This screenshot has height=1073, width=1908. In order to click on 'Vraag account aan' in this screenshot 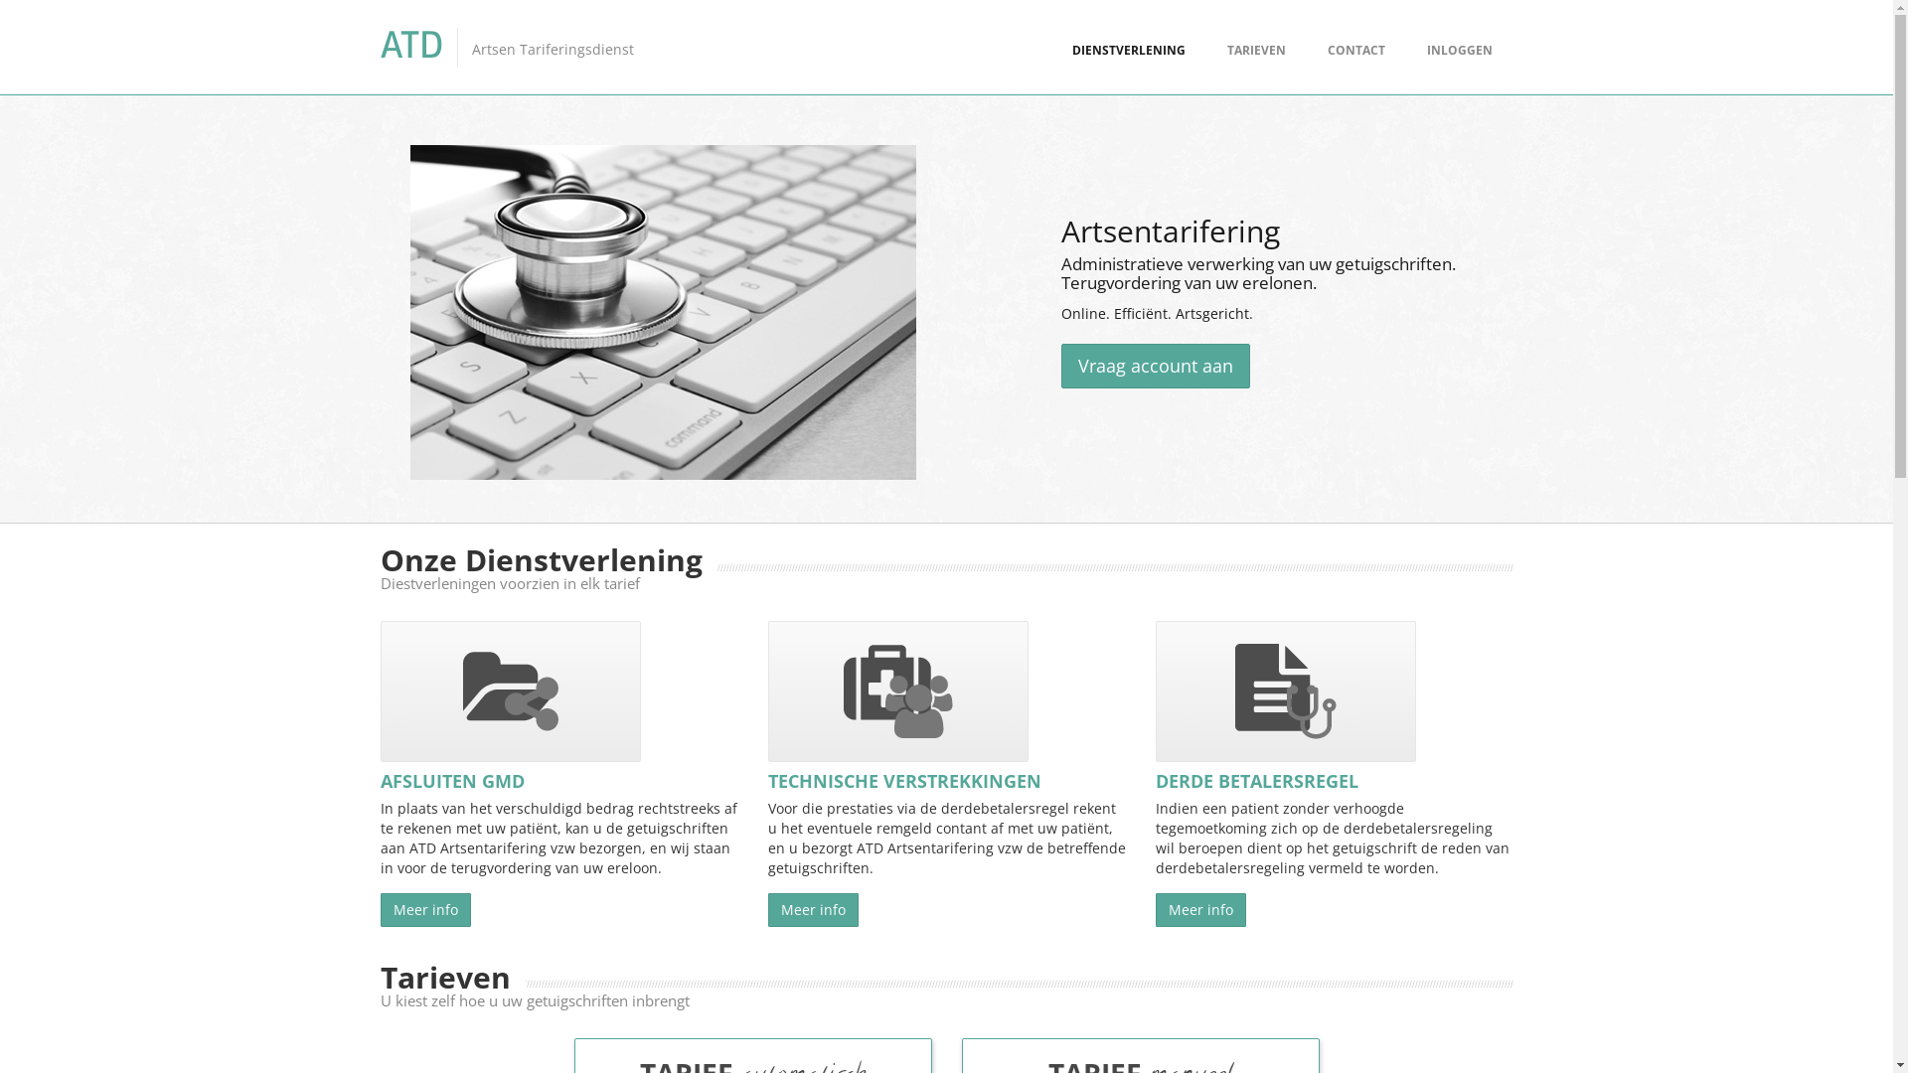, I will do `click(1155, 366)`.